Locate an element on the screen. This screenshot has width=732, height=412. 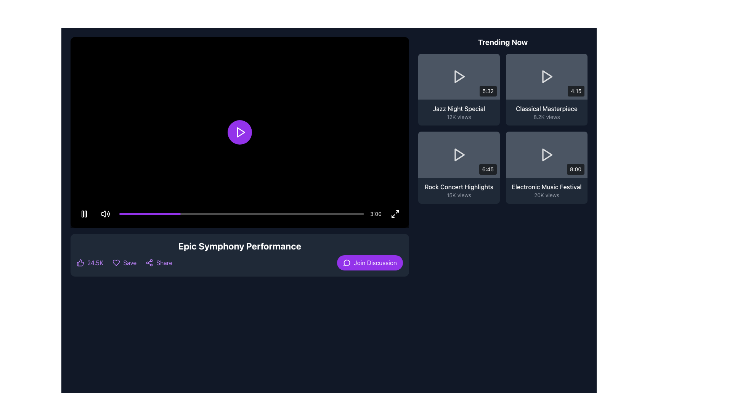
the informational text label displaying the number of views for the video titled 'Rock Concert Highlights', located below the title within the third card of the 'Trending Now' section is located at coordinates (459, 194).